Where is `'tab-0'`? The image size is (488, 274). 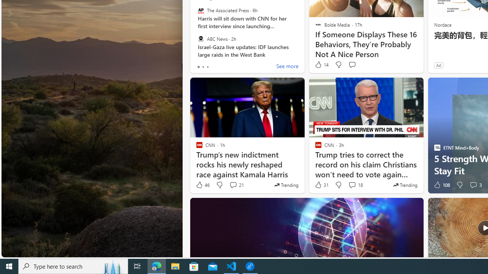
'tab-0' is located at coordinates (198, 67).